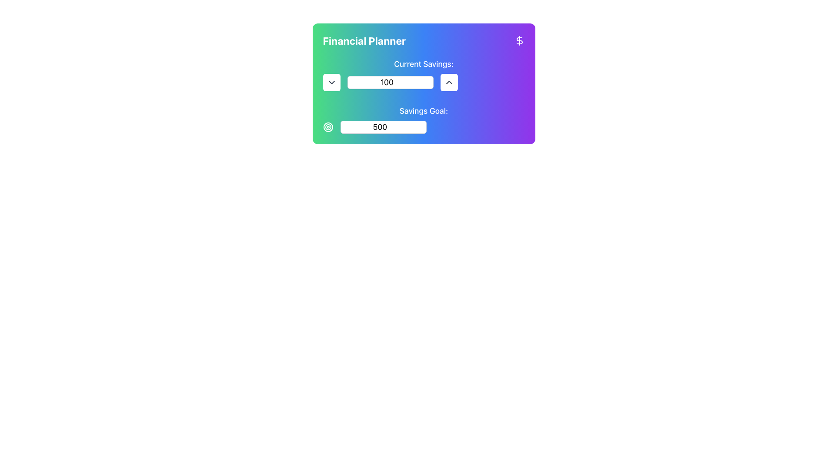 Image resolution: width=835 pixels, height=469 pixels. I want to click on the leftmost button in the 'Current Savings' group to decrement the numeric value in the adjacent input field, so click(331, 82).